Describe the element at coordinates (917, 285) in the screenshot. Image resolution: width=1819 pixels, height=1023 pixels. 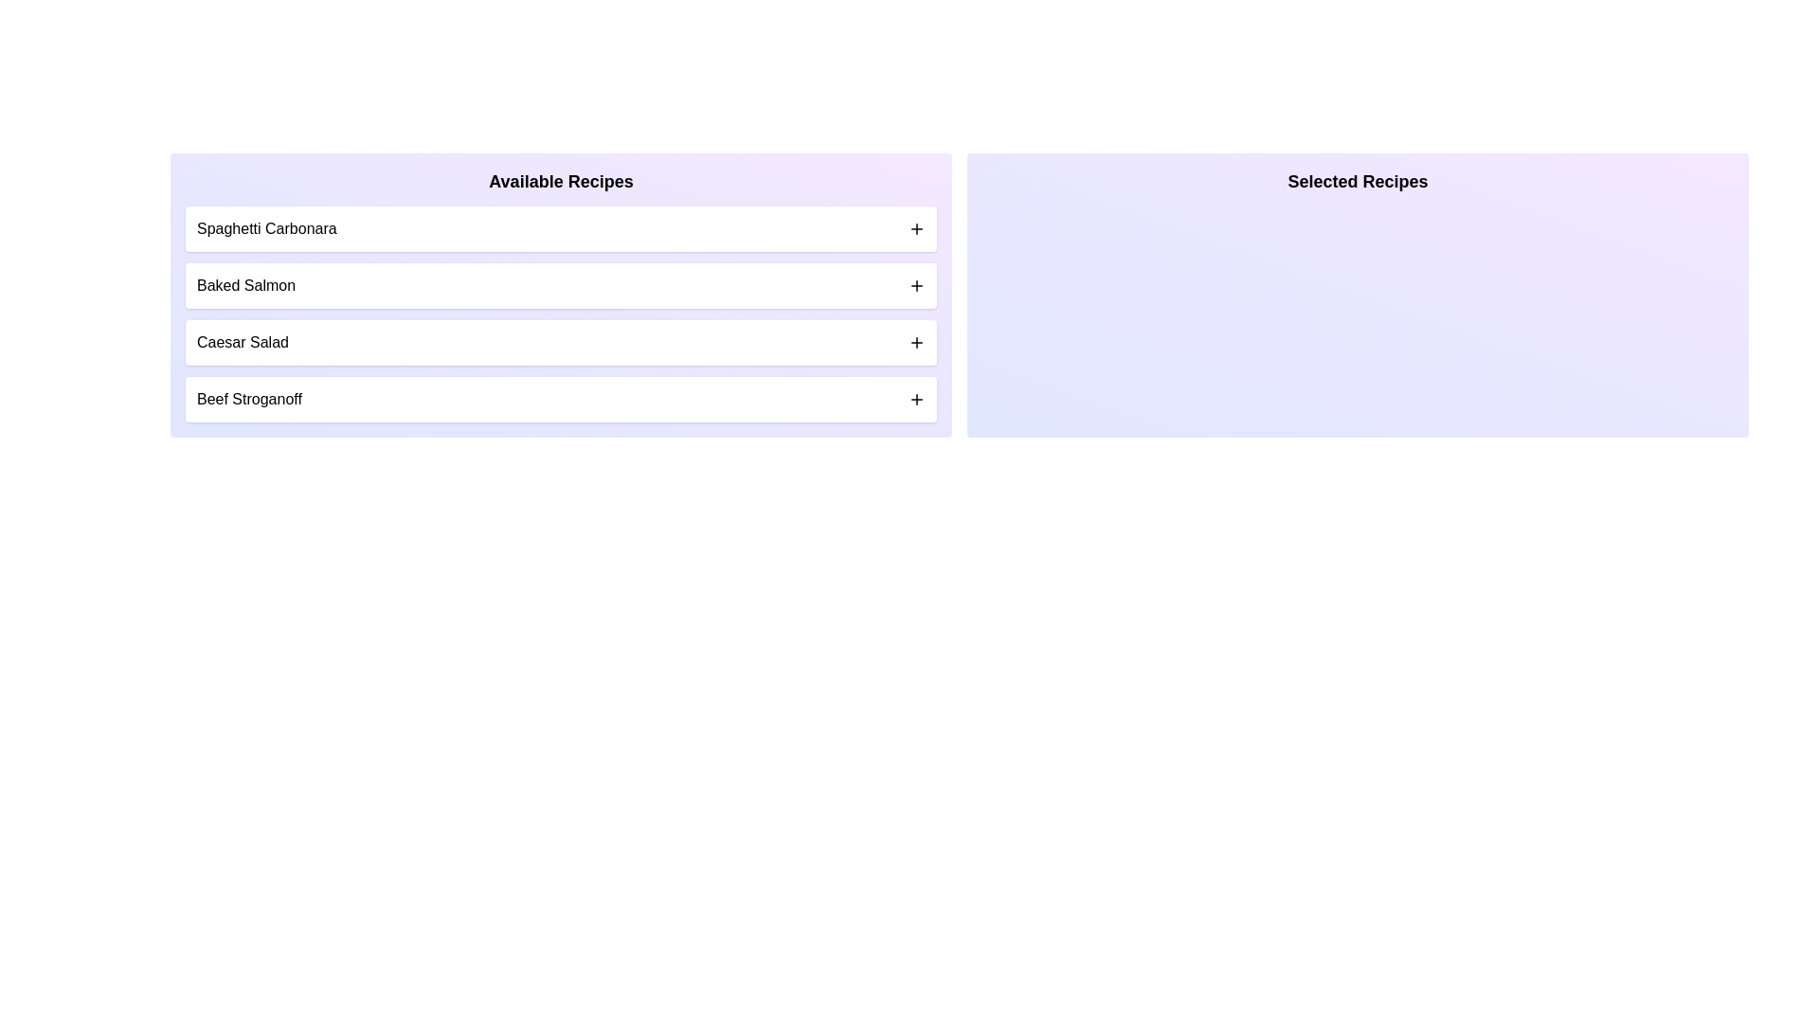
I see `'+' button next to Baked Salmon to add it to the selected list` at that location.